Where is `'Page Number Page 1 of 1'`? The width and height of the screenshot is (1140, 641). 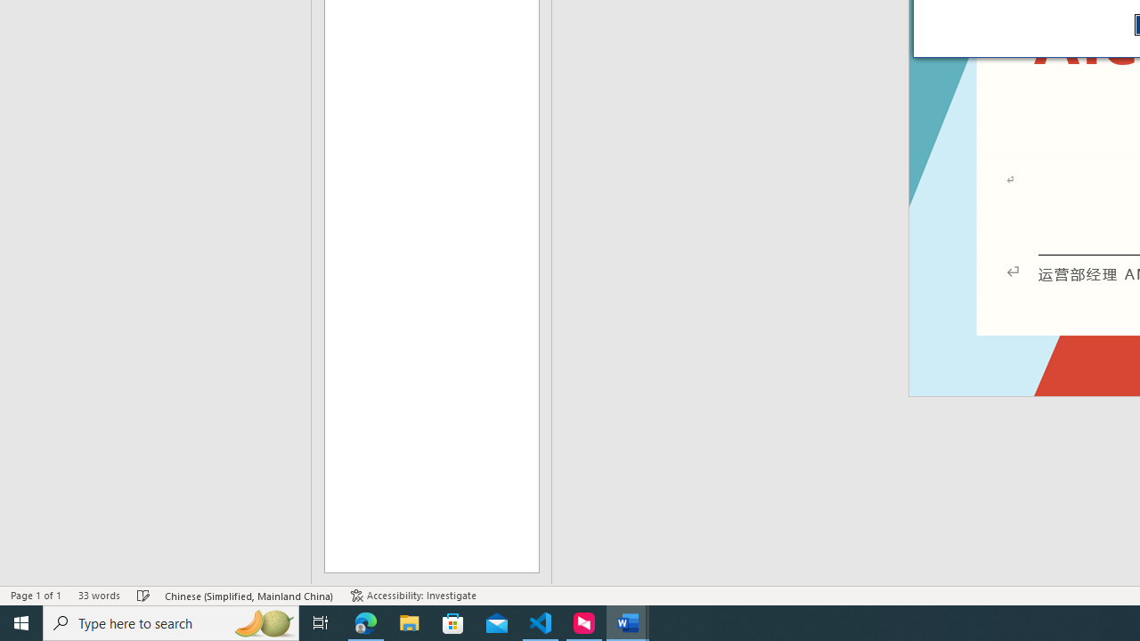
'Page Number Page 1 of 1' is located at coordinates (36, 596).